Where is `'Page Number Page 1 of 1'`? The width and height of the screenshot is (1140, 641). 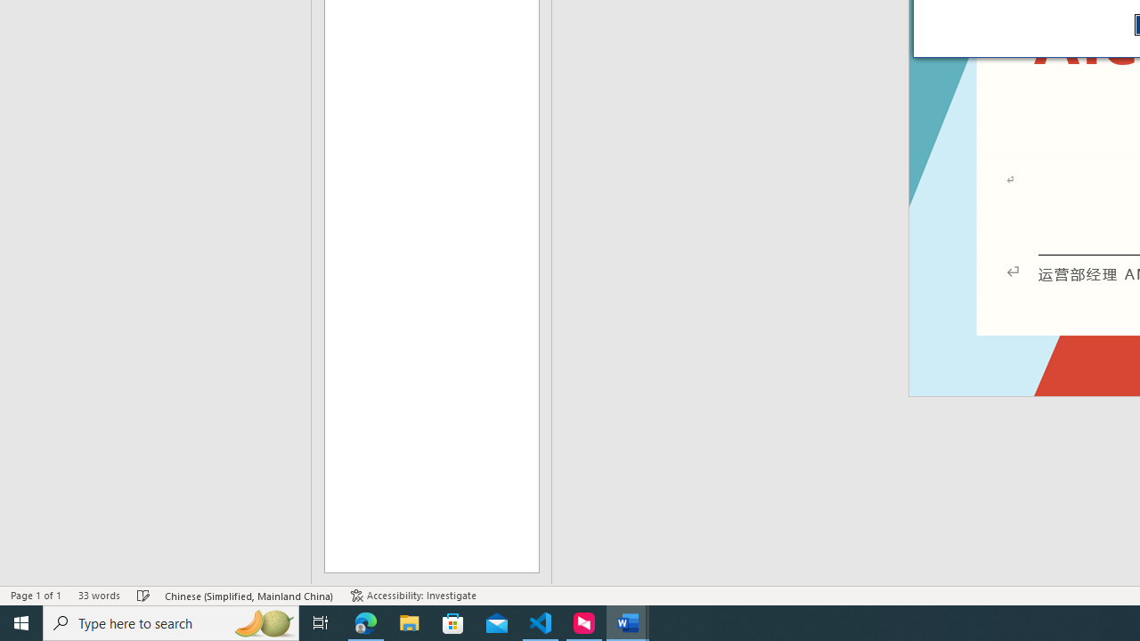
'Page Number Page 1 of 1' is located at coordinates (36, 596).